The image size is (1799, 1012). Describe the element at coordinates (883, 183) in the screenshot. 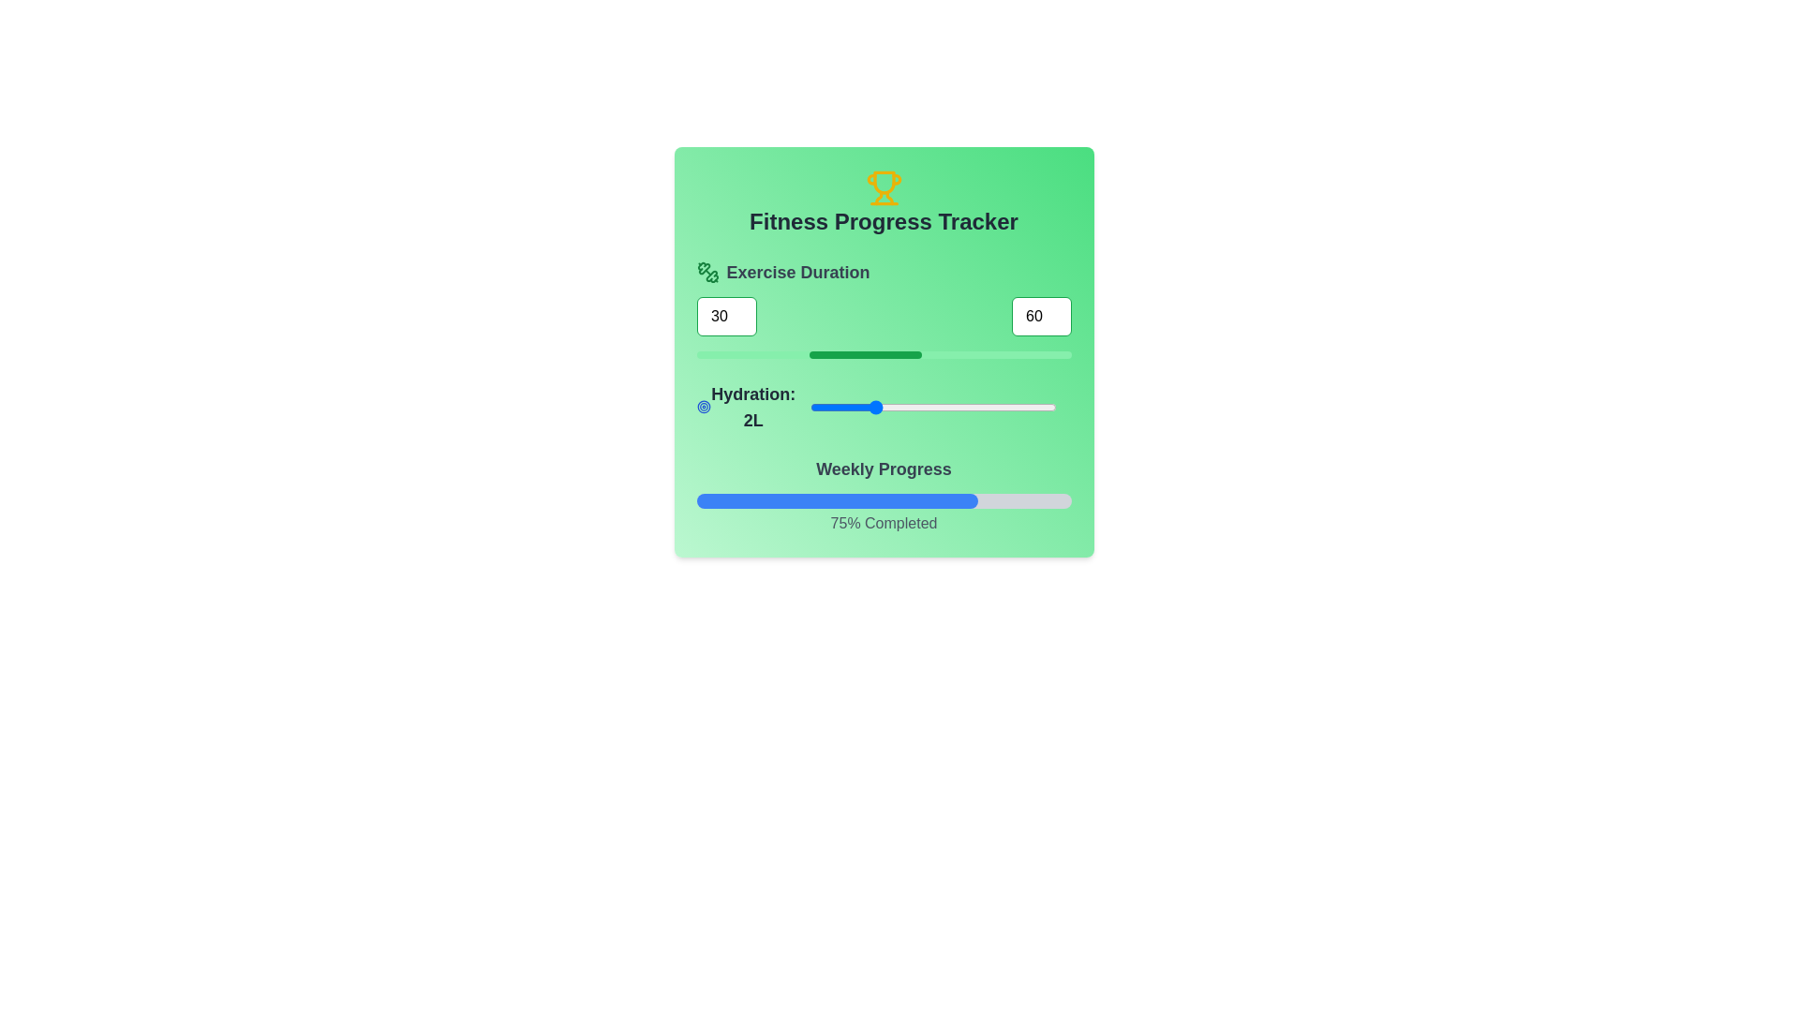

I see `the trophy-like icon in the header section of the green card labeled 'Fitness Progress Tracker'` at that location.